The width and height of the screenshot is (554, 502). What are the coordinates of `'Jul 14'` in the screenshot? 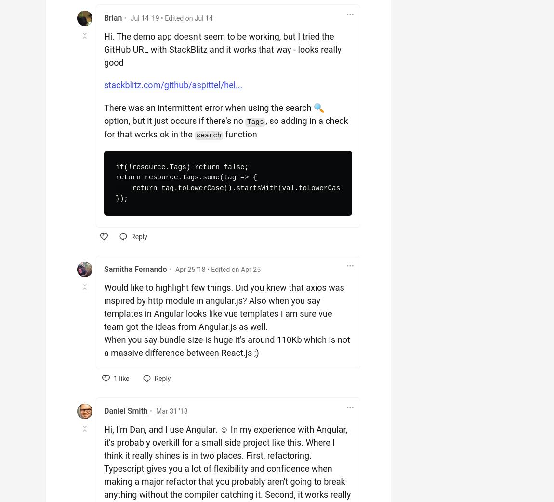 It's located at (203, 17).